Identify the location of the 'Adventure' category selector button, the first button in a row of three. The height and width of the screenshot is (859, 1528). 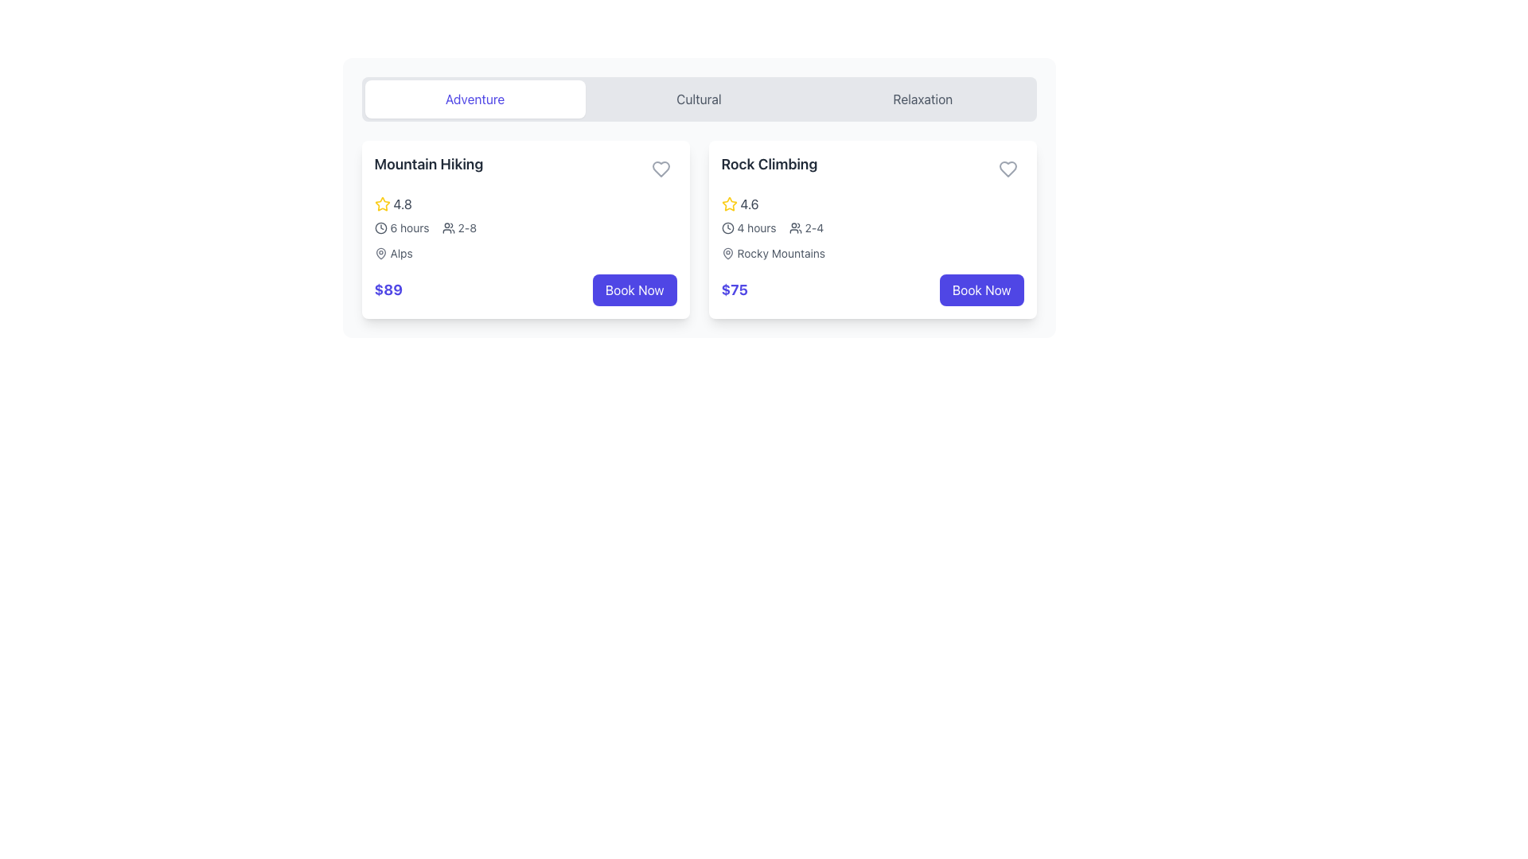
(474, 99).